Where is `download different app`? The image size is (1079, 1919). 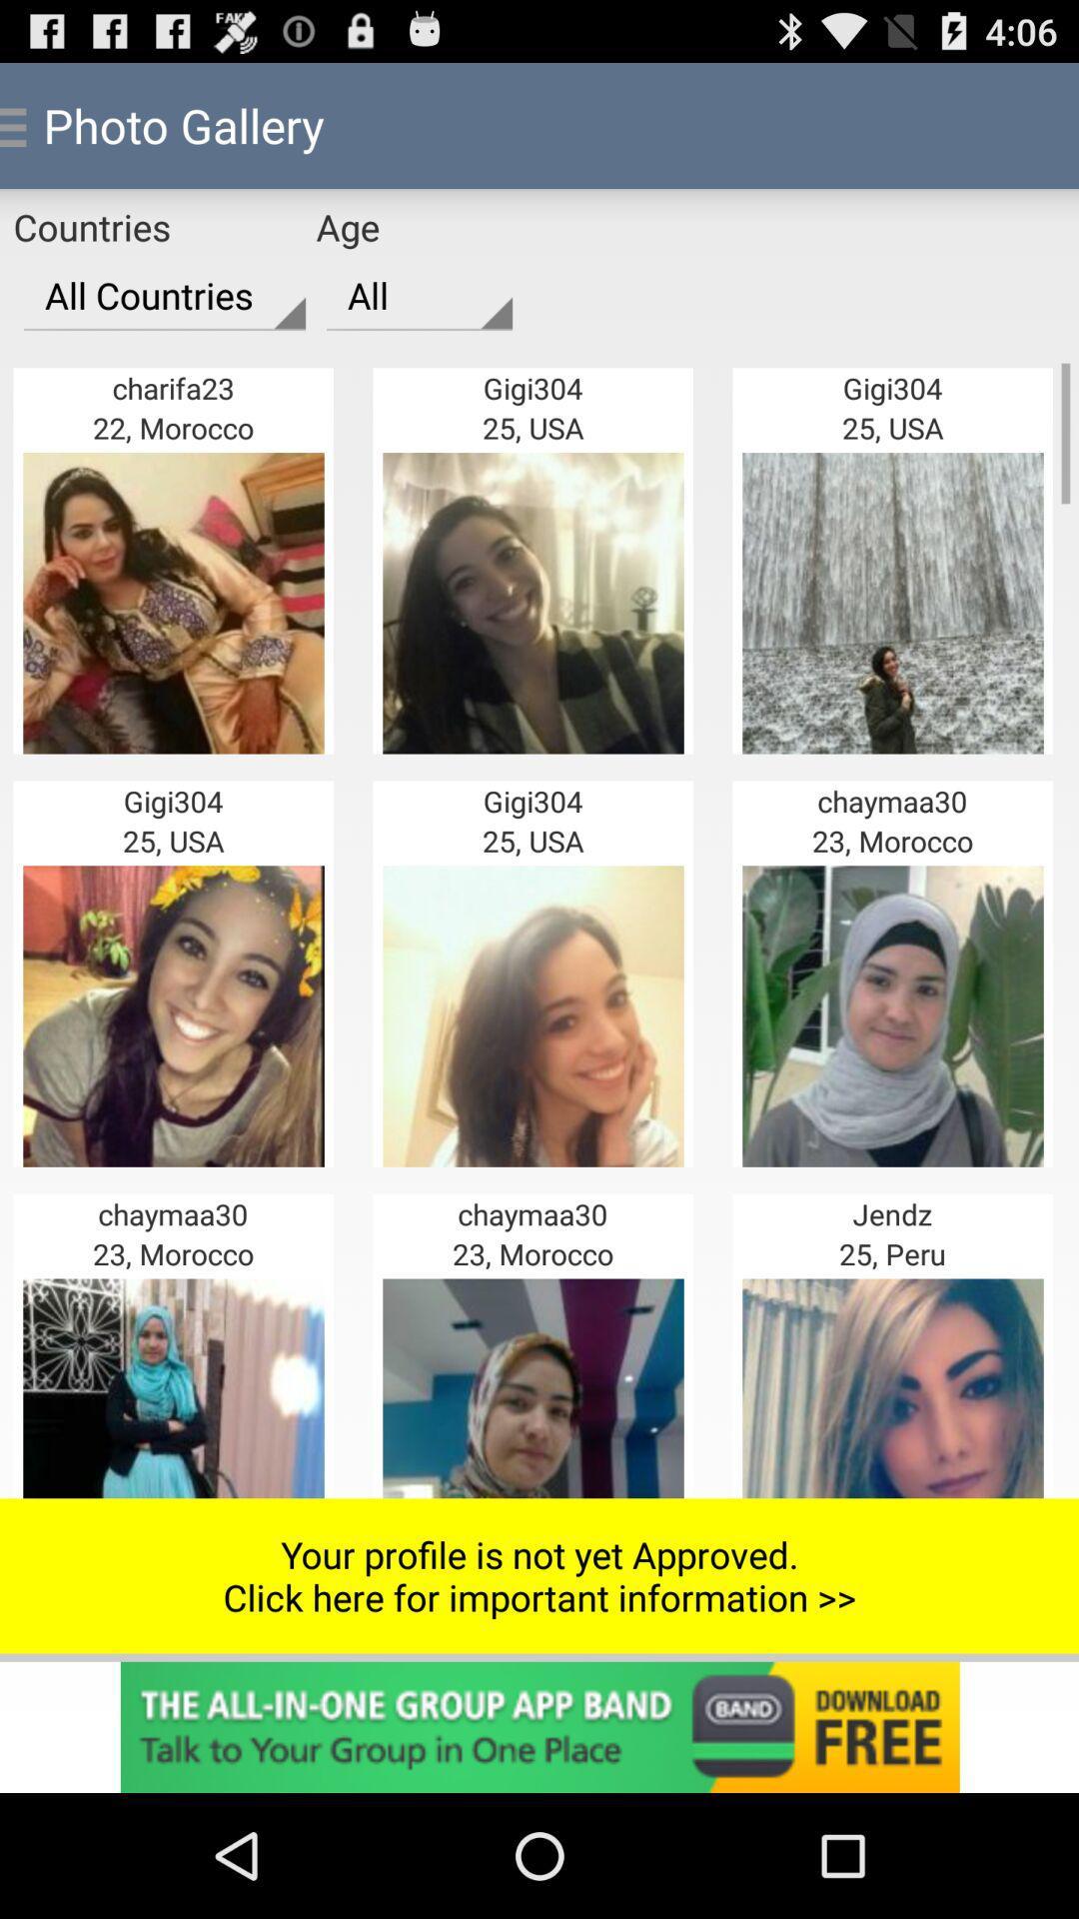
download different app is located at coordinates (539, 1726).